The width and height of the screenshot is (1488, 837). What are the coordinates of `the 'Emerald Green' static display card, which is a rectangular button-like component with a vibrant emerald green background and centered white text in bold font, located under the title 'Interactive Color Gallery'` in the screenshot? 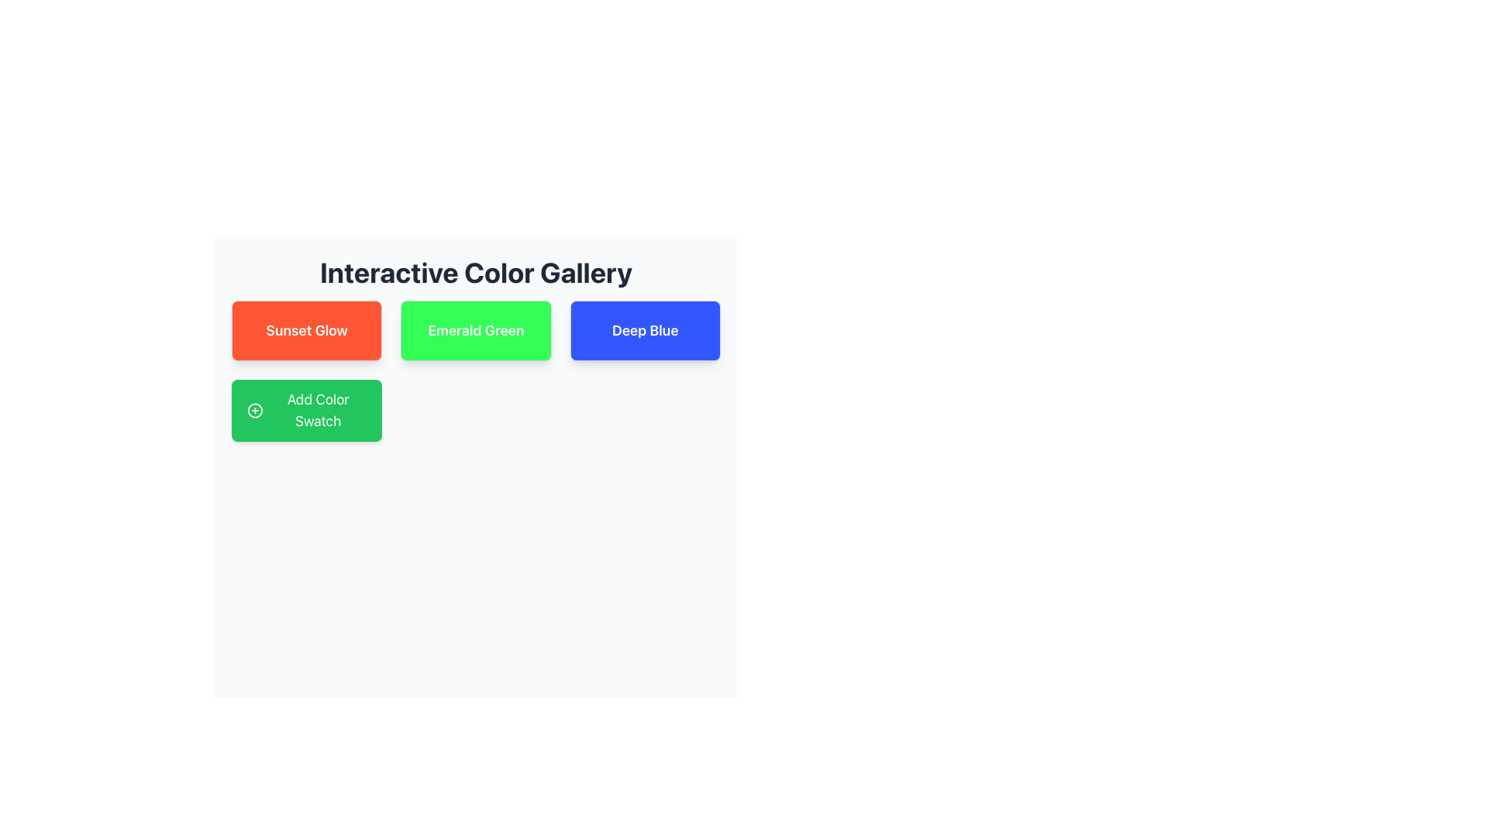 It's located at (475, 330).